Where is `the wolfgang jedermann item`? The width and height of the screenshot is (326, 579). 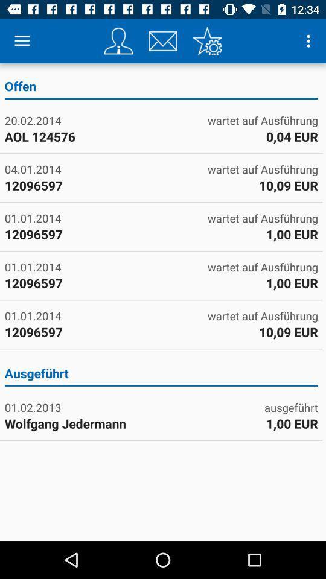
the wolfgang jedermann item is located at coordinates (81, 423).